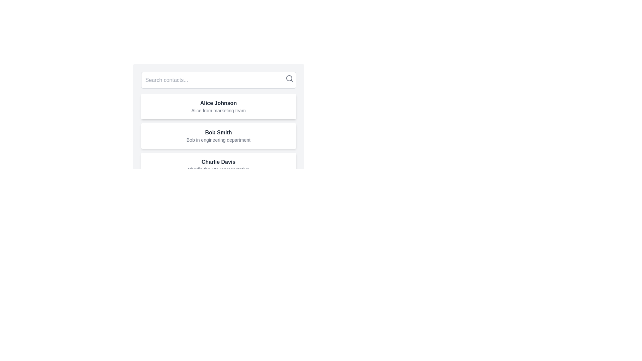  Describe the element at coordinates (218, 136) in the screenshot. I see `the second entry in the list of contact information, which is positioned between 'Alice Johnson' and 'Charlie Davis'` at that location.